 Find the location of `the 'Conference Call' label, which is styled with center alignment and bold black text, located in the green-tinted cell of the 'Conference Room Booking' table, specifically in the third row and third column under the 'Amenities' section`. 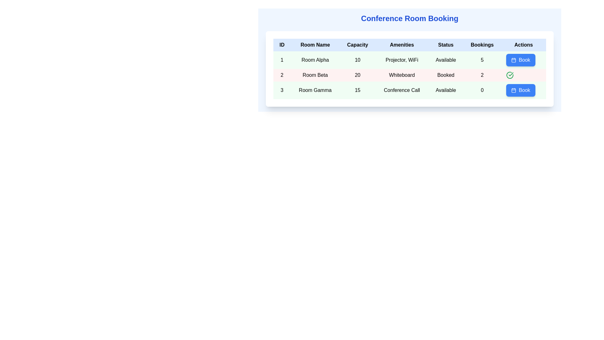

the 'Conference Call' label, which is styled with center alignment and bold black text, located in the green-tinted cell of the 'Conference Room Booking' table, specifically in the third row and third column under the 'Amenities' section is located at coordinates (401, 90).